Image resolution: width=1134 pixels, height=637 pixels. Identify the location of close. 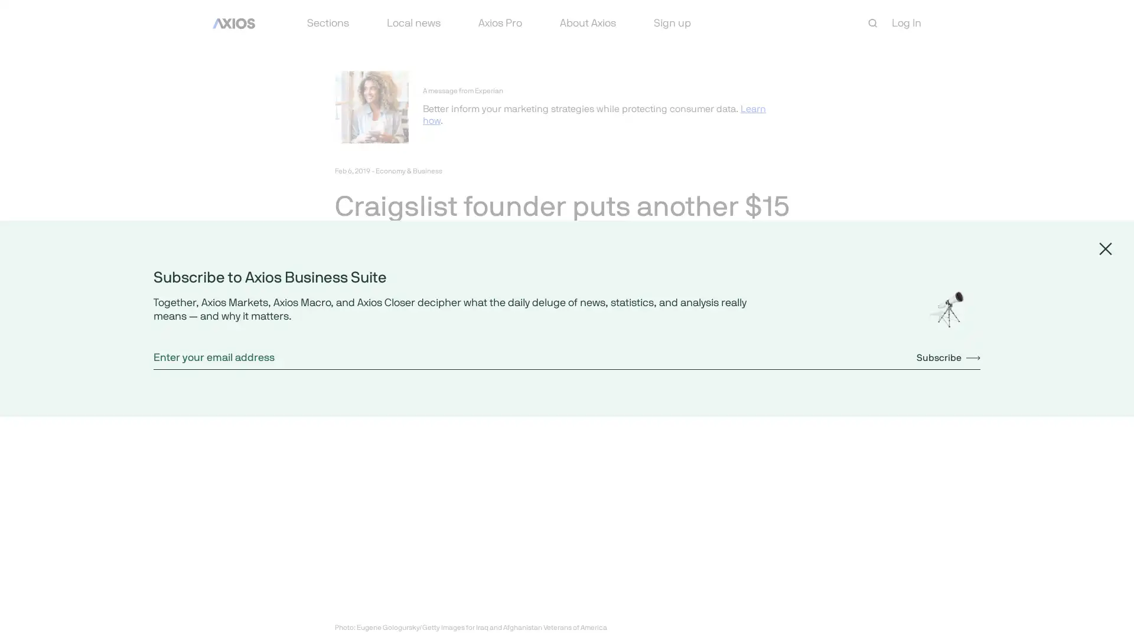
(1105, 247).